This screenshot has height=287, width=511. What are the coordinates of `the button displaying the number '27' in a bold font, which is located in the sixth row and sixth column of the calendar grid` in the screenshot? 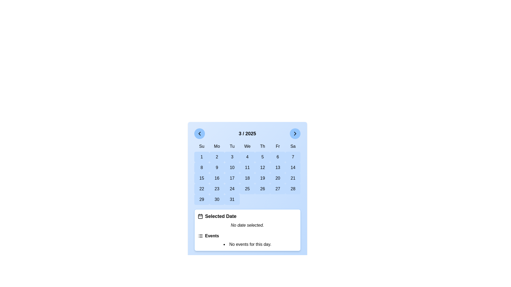 It's located at (277, 188).